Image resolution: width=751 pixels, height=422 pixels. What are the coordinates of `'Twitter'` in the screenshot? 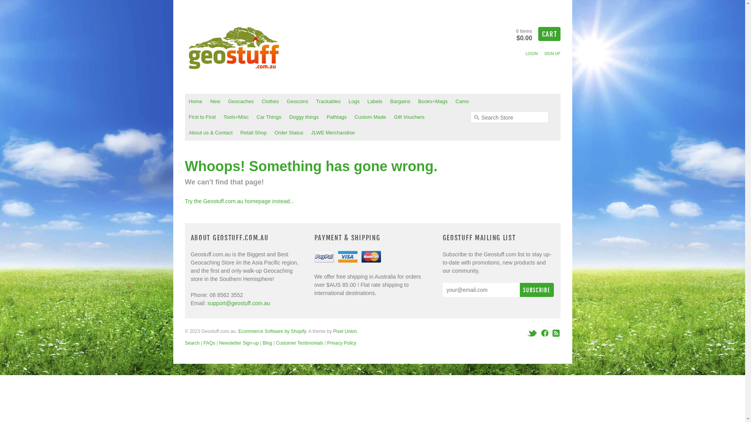 It's located at (532, 333).